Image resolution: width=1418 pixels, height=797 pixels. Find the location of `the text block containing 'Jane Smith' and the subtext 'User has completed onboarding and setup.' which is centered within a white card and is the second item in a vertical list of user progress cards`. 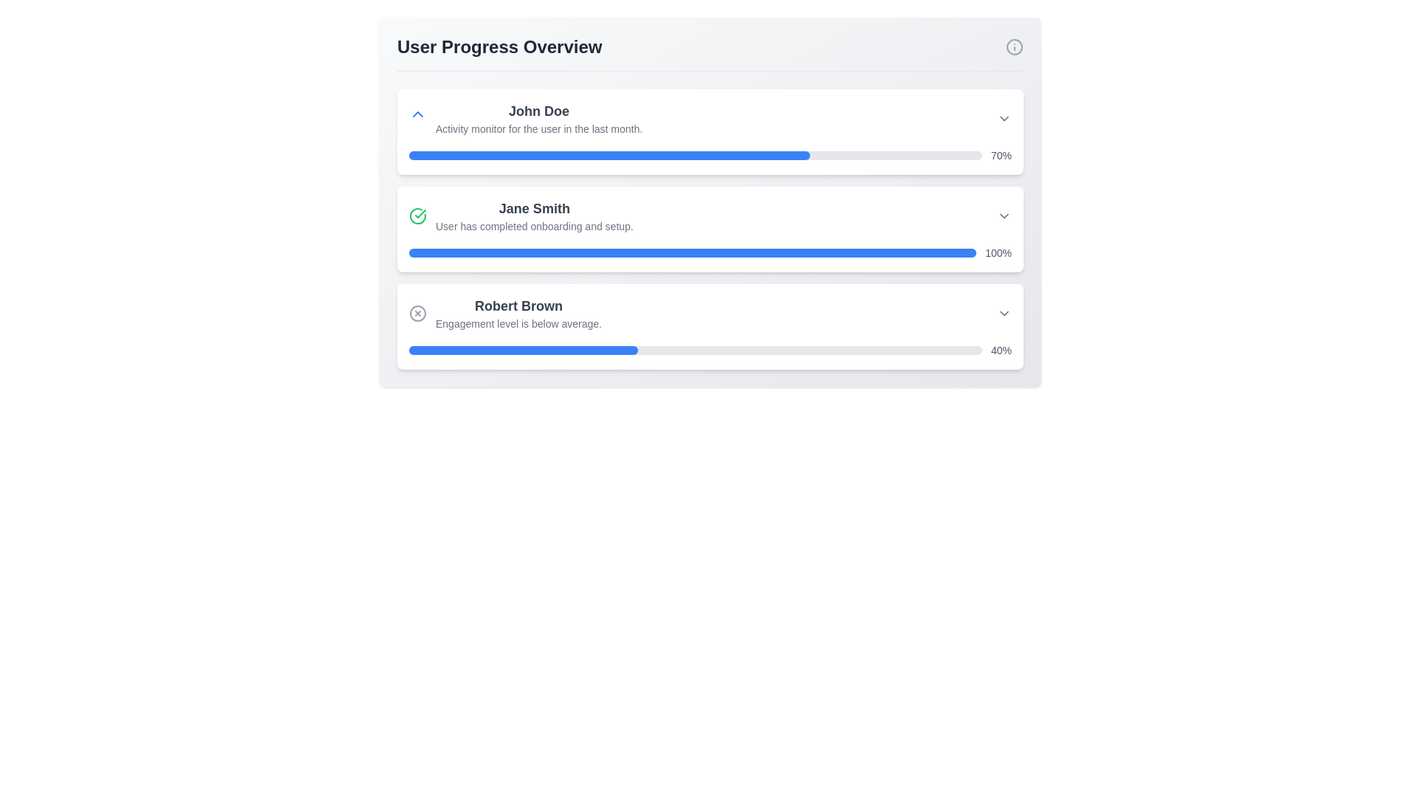

the text block containing 'Jane Smith' and the subtext 'User has completed onboarding and setup.' which is centered within a white card and is the second item in a vertical list of user progress cards is located at coordinates (533, 216).